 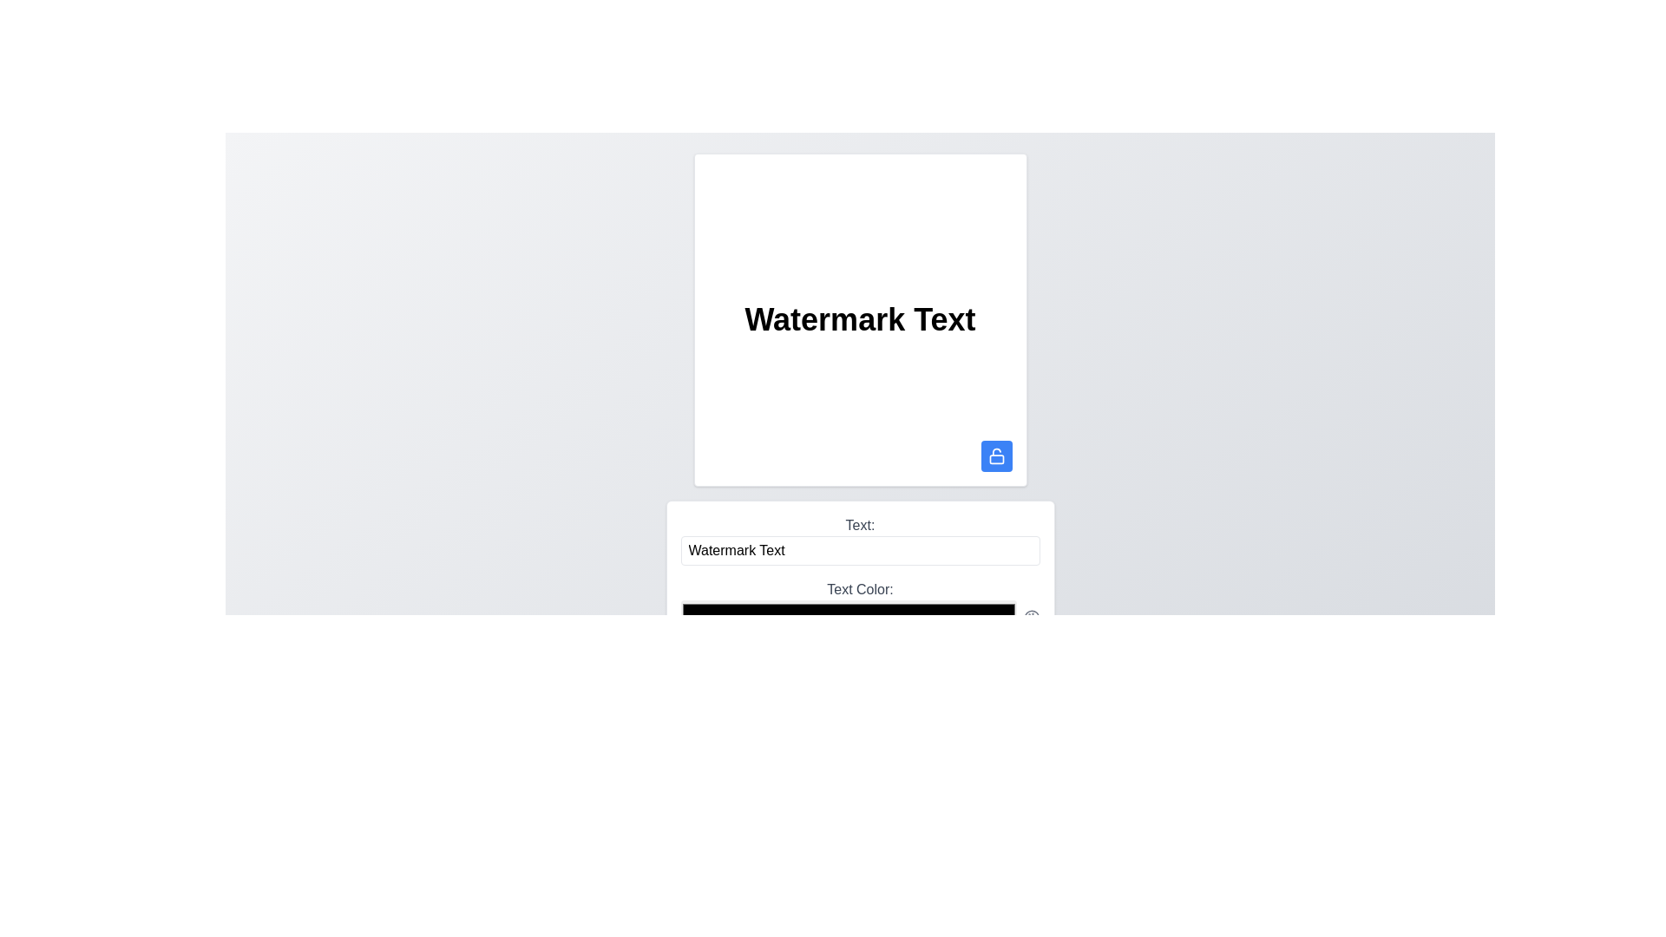 What do you see at coordinates (996, 455) in the screenshot?
I see `the square button with a blue background and an unlocked padlock icon located at the bottom-right corner of the 'Watermark Text' section` at bounding box center [996, 455].